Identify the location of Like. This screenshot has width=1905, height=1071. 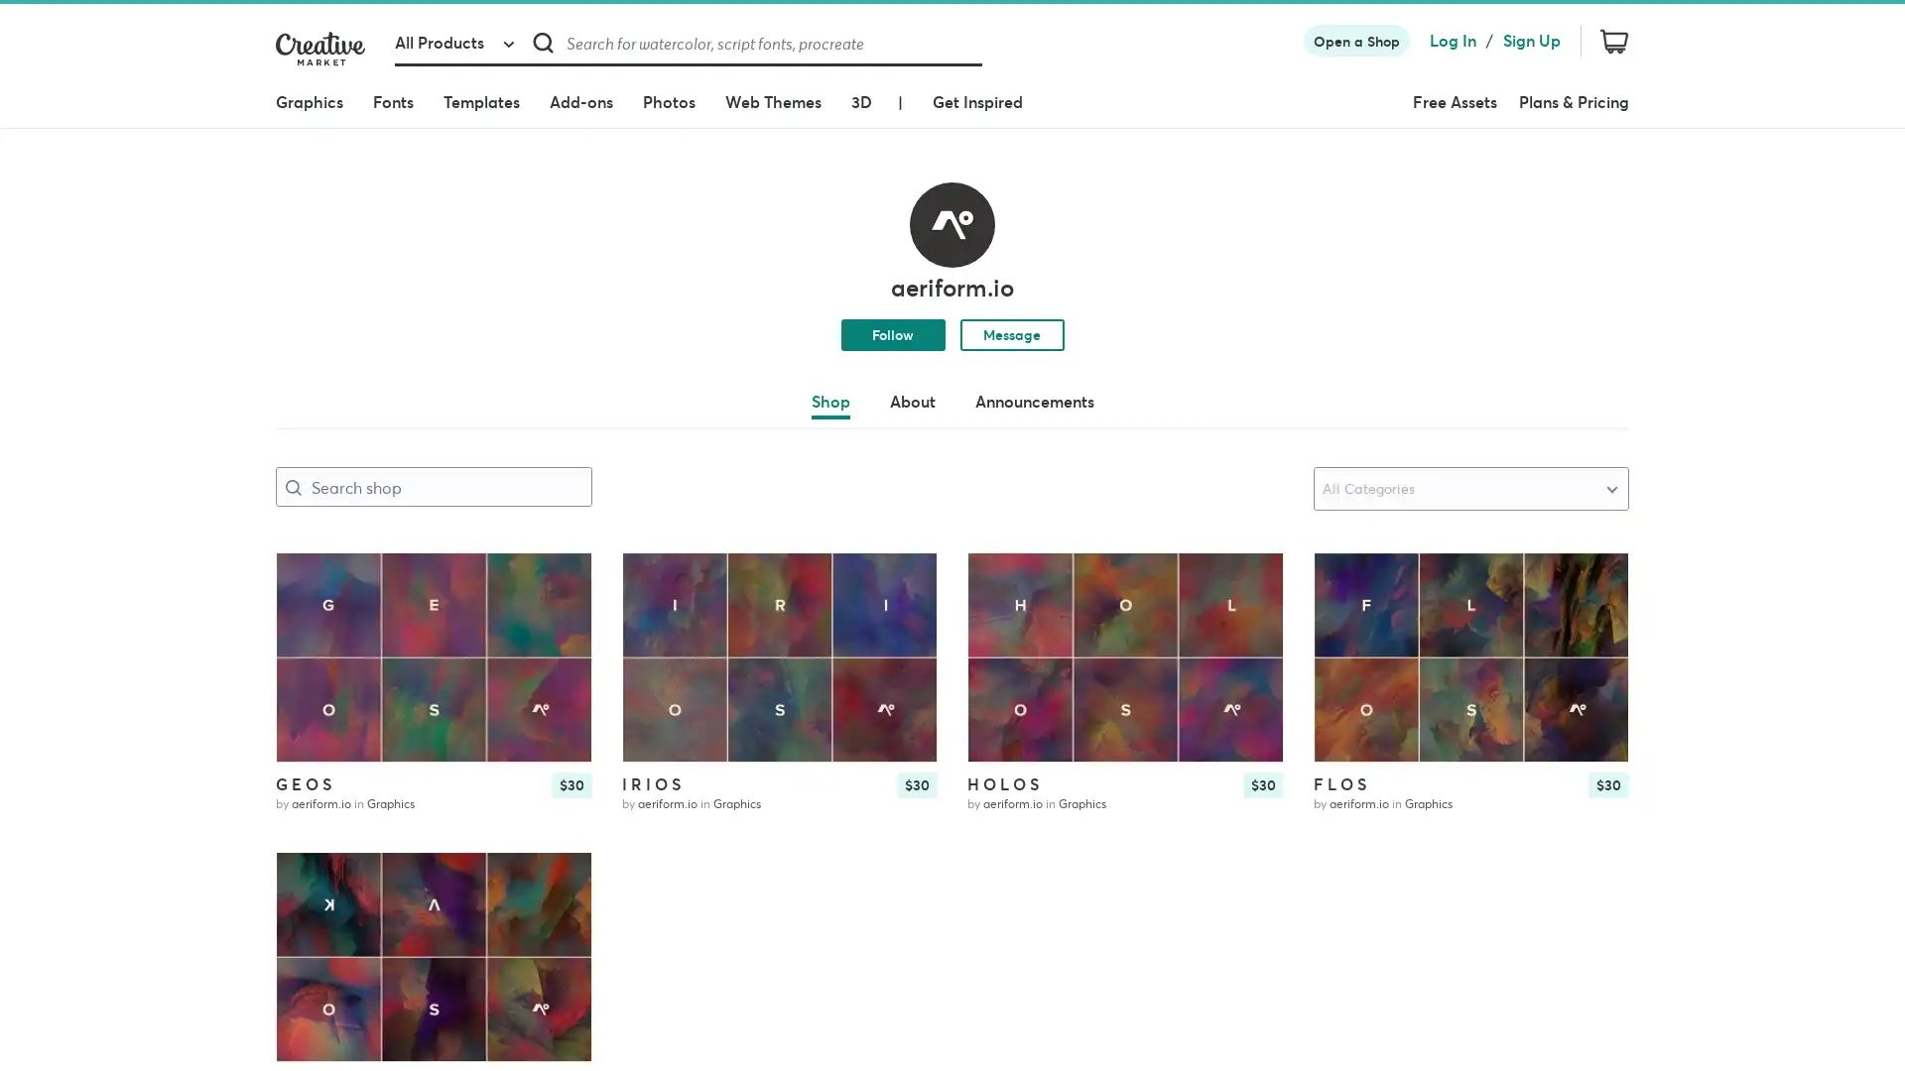
(558, 882).